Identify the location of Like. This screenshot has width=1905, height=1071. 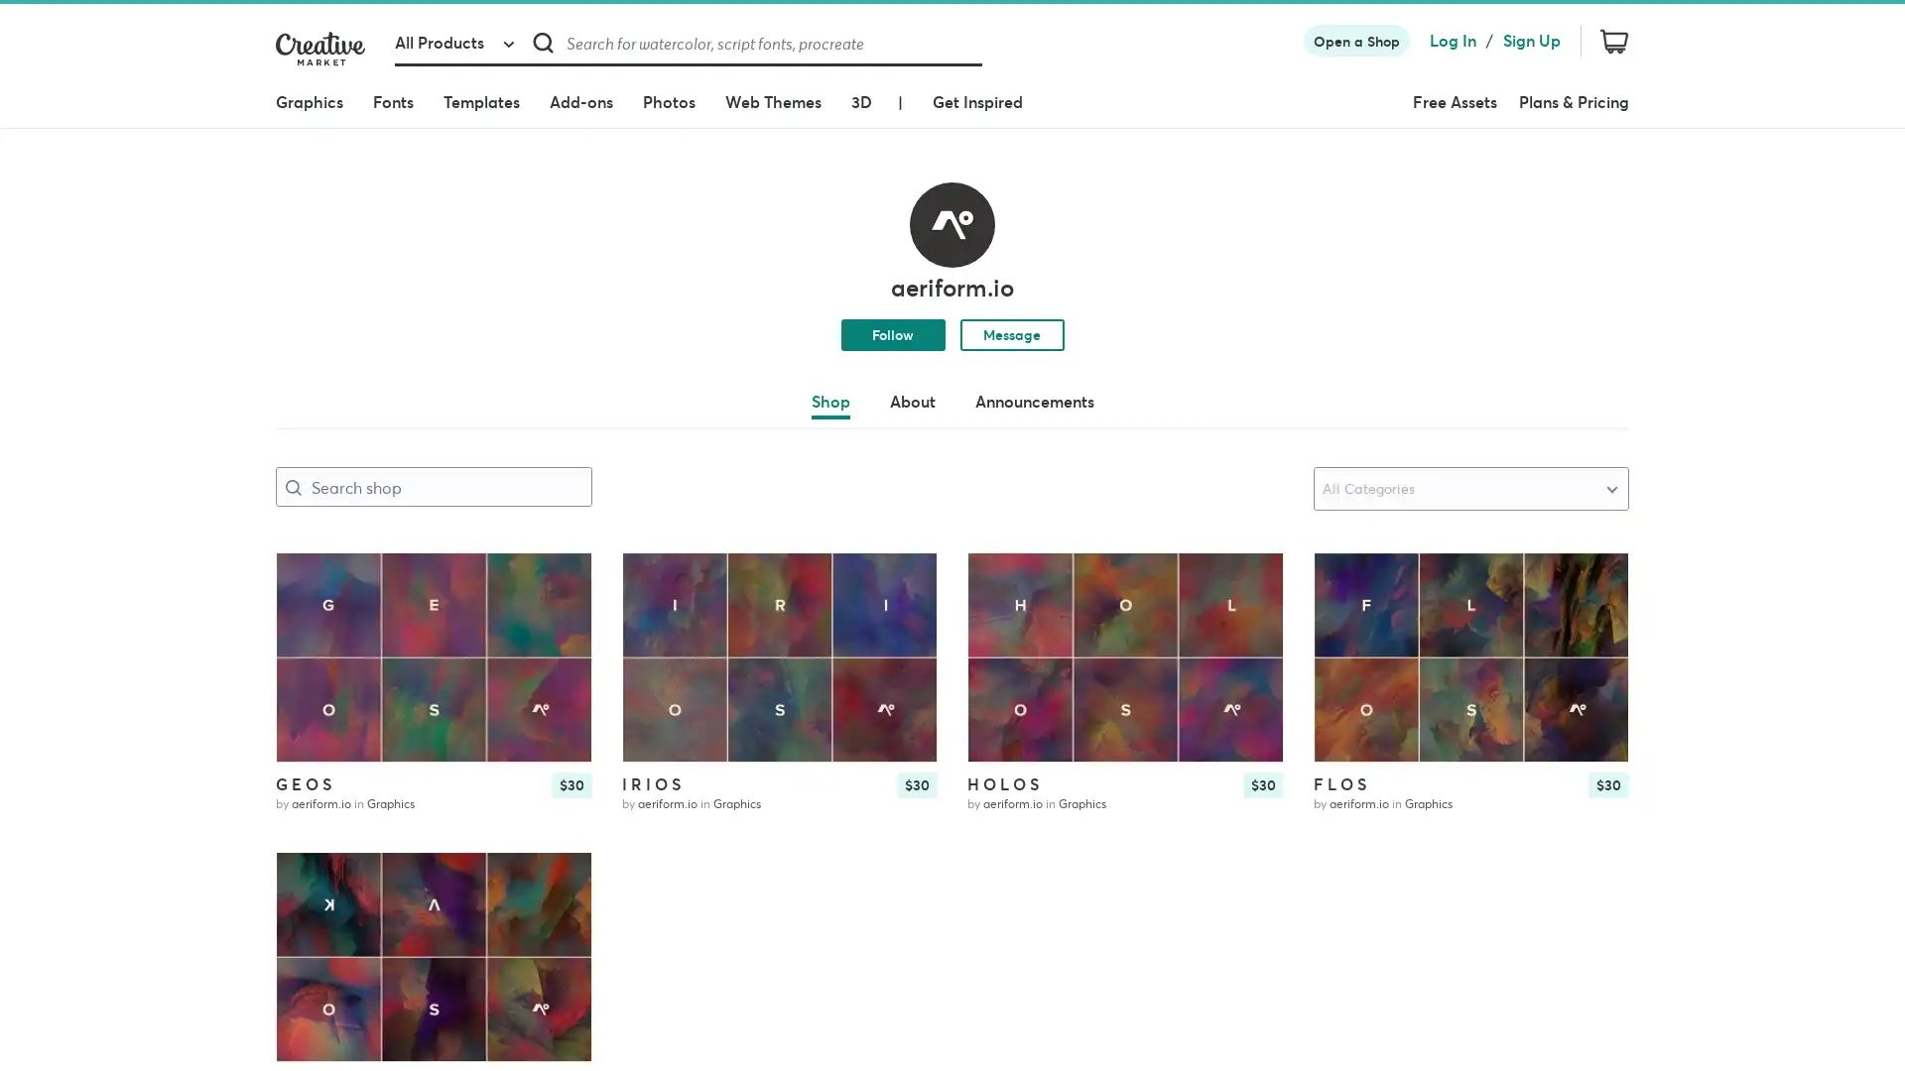
(558, 882).